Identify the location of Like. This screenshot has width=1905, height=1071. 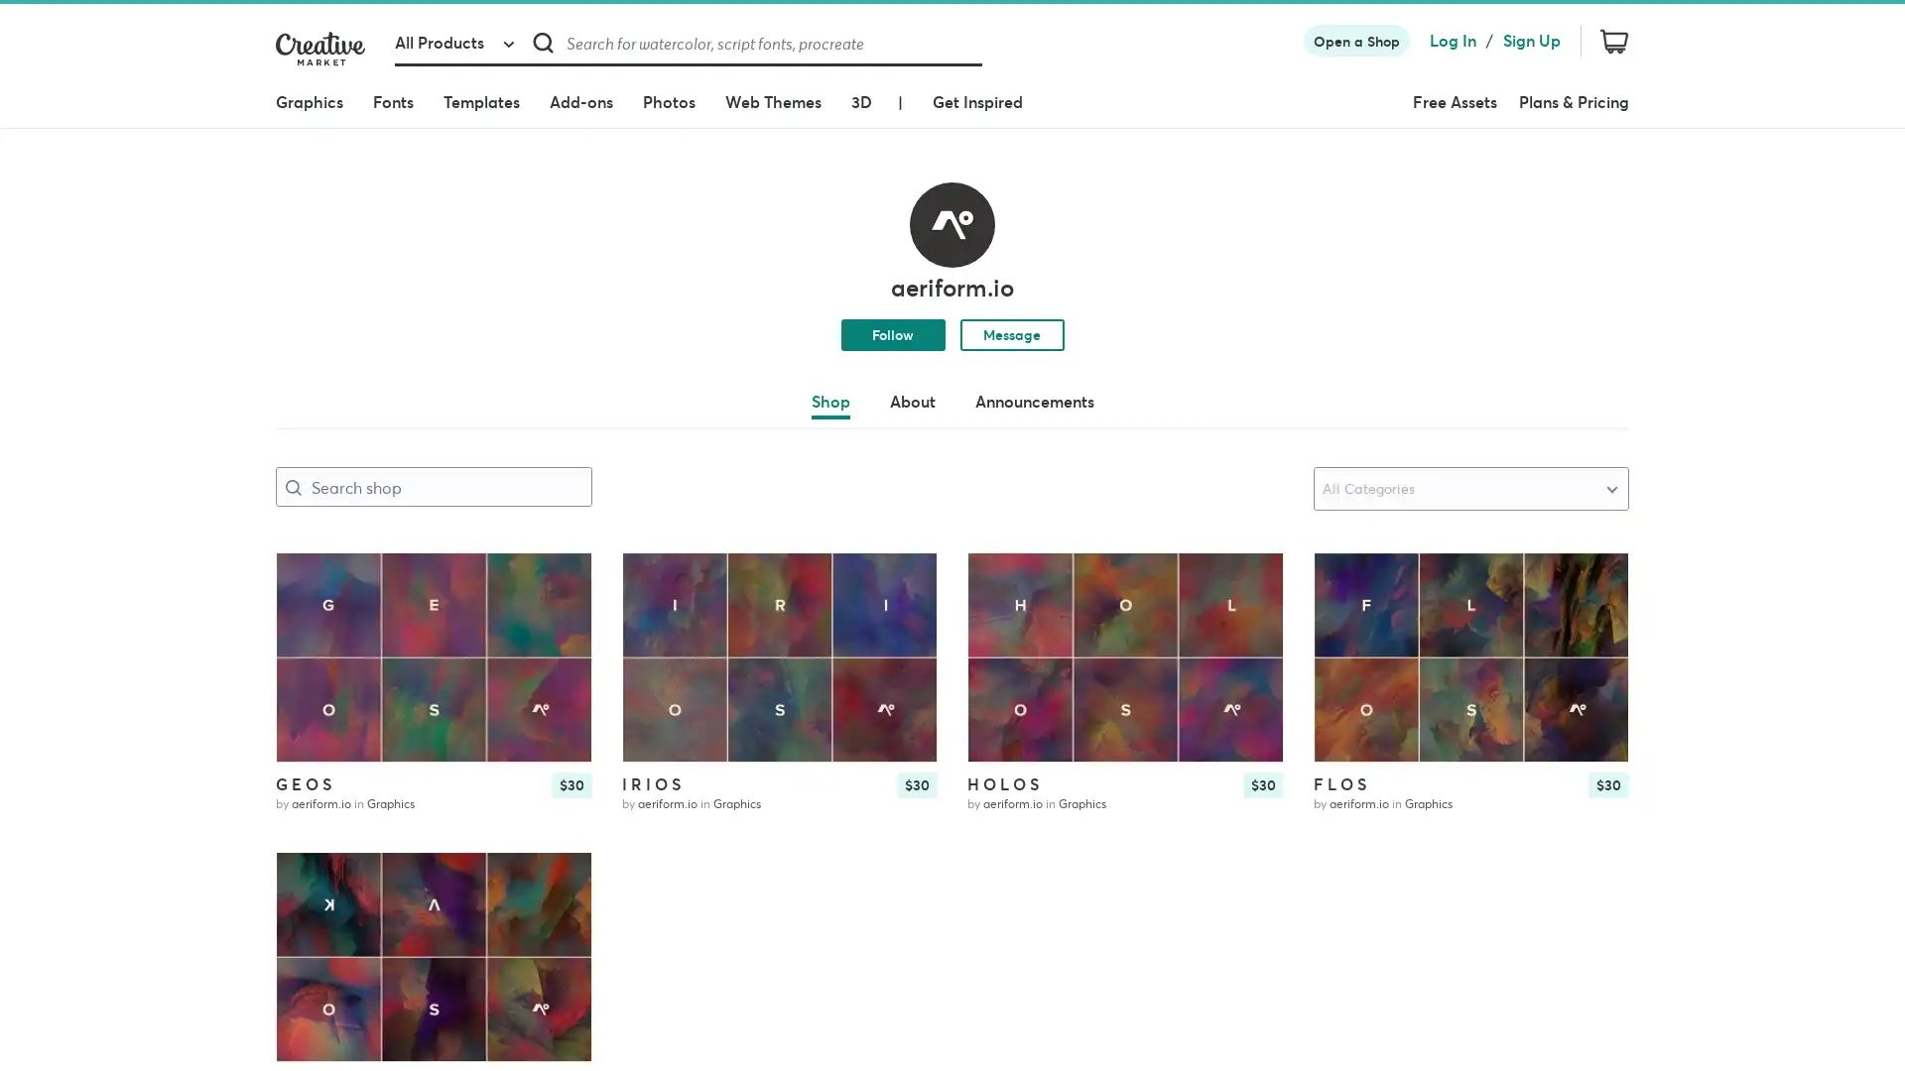
(558, 882).